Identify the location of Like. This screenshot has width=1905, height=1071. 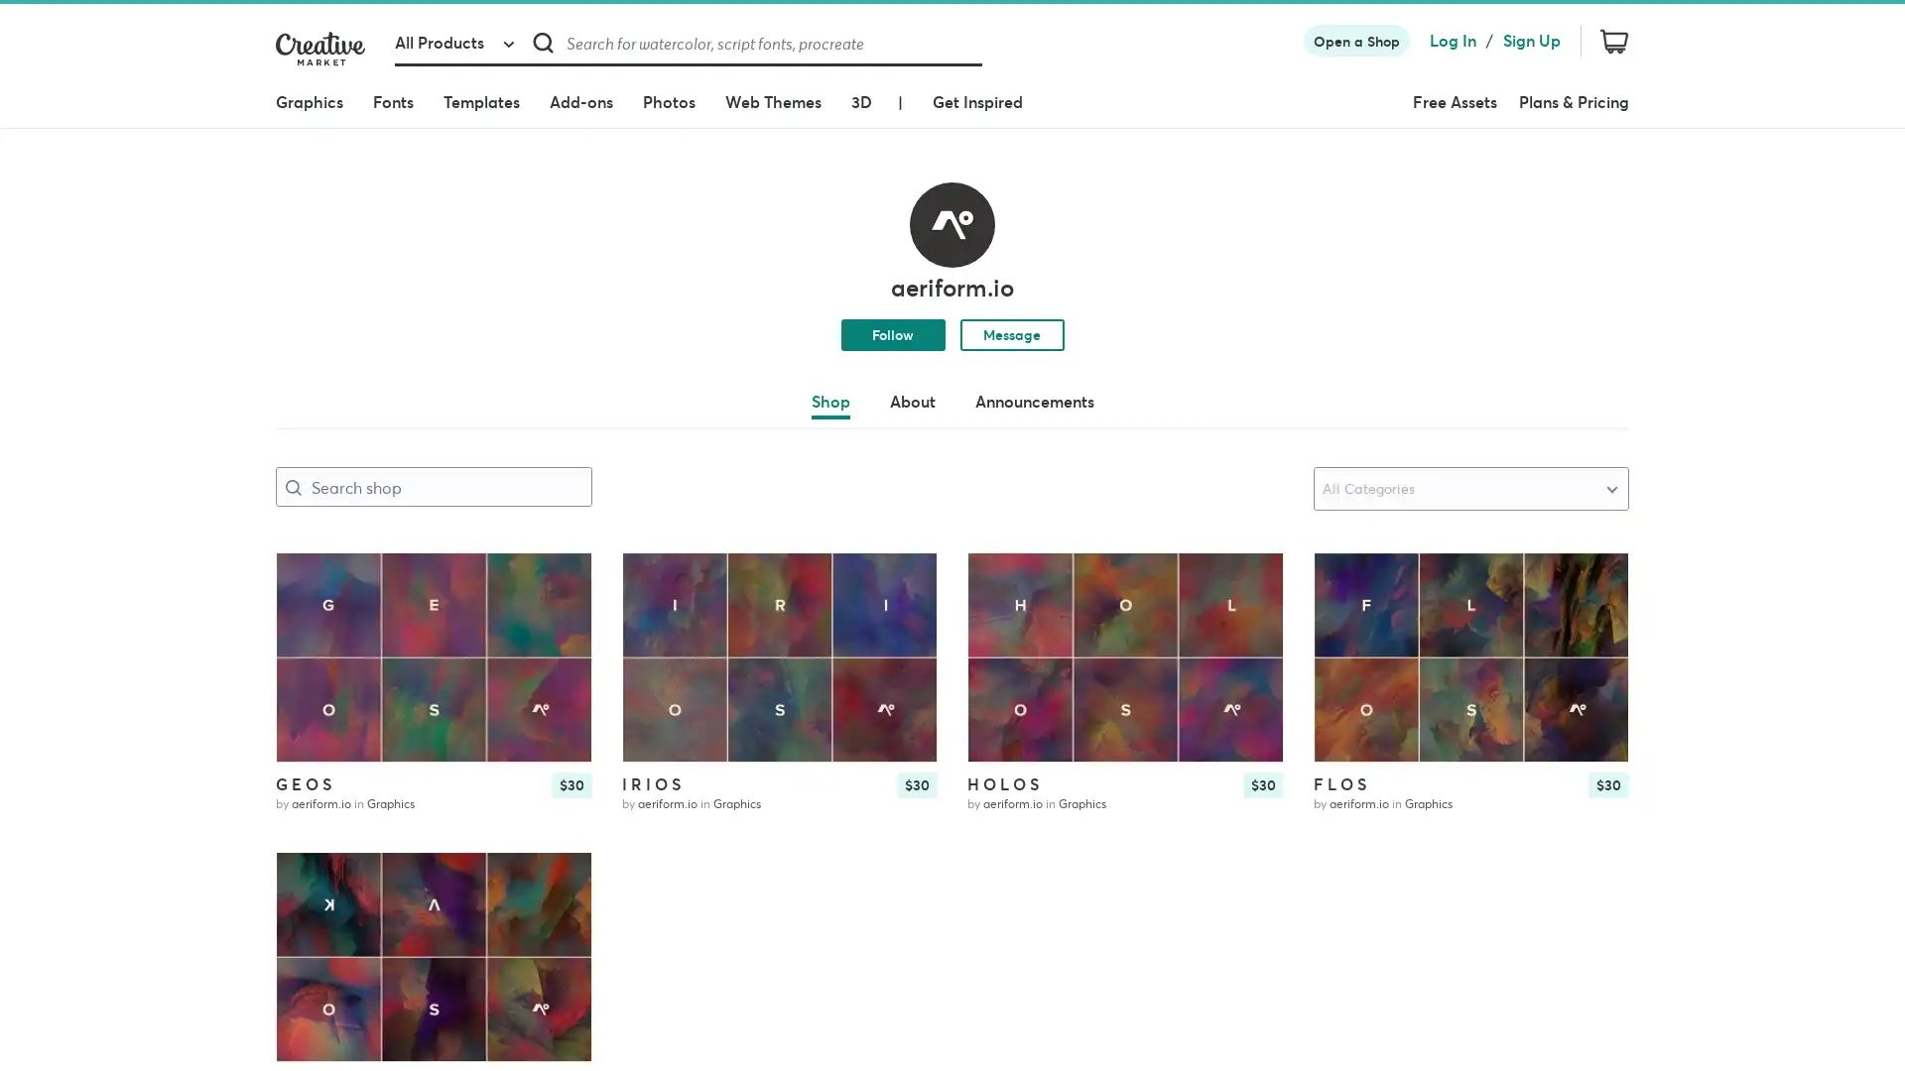
(558, 882).